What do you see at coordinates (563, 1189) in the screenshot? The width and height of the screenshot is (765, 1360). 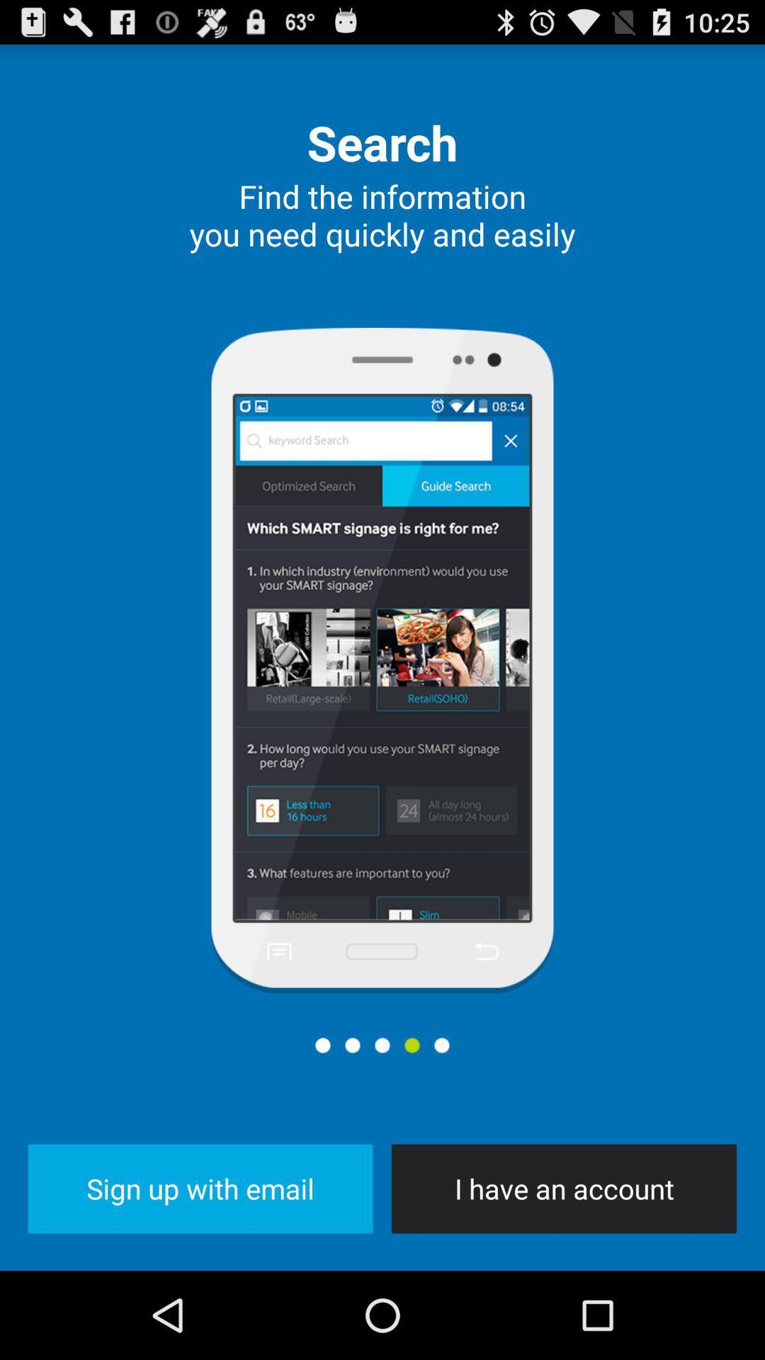 I see `icon next to sign up with icon` at bounding box center [563, 1189].